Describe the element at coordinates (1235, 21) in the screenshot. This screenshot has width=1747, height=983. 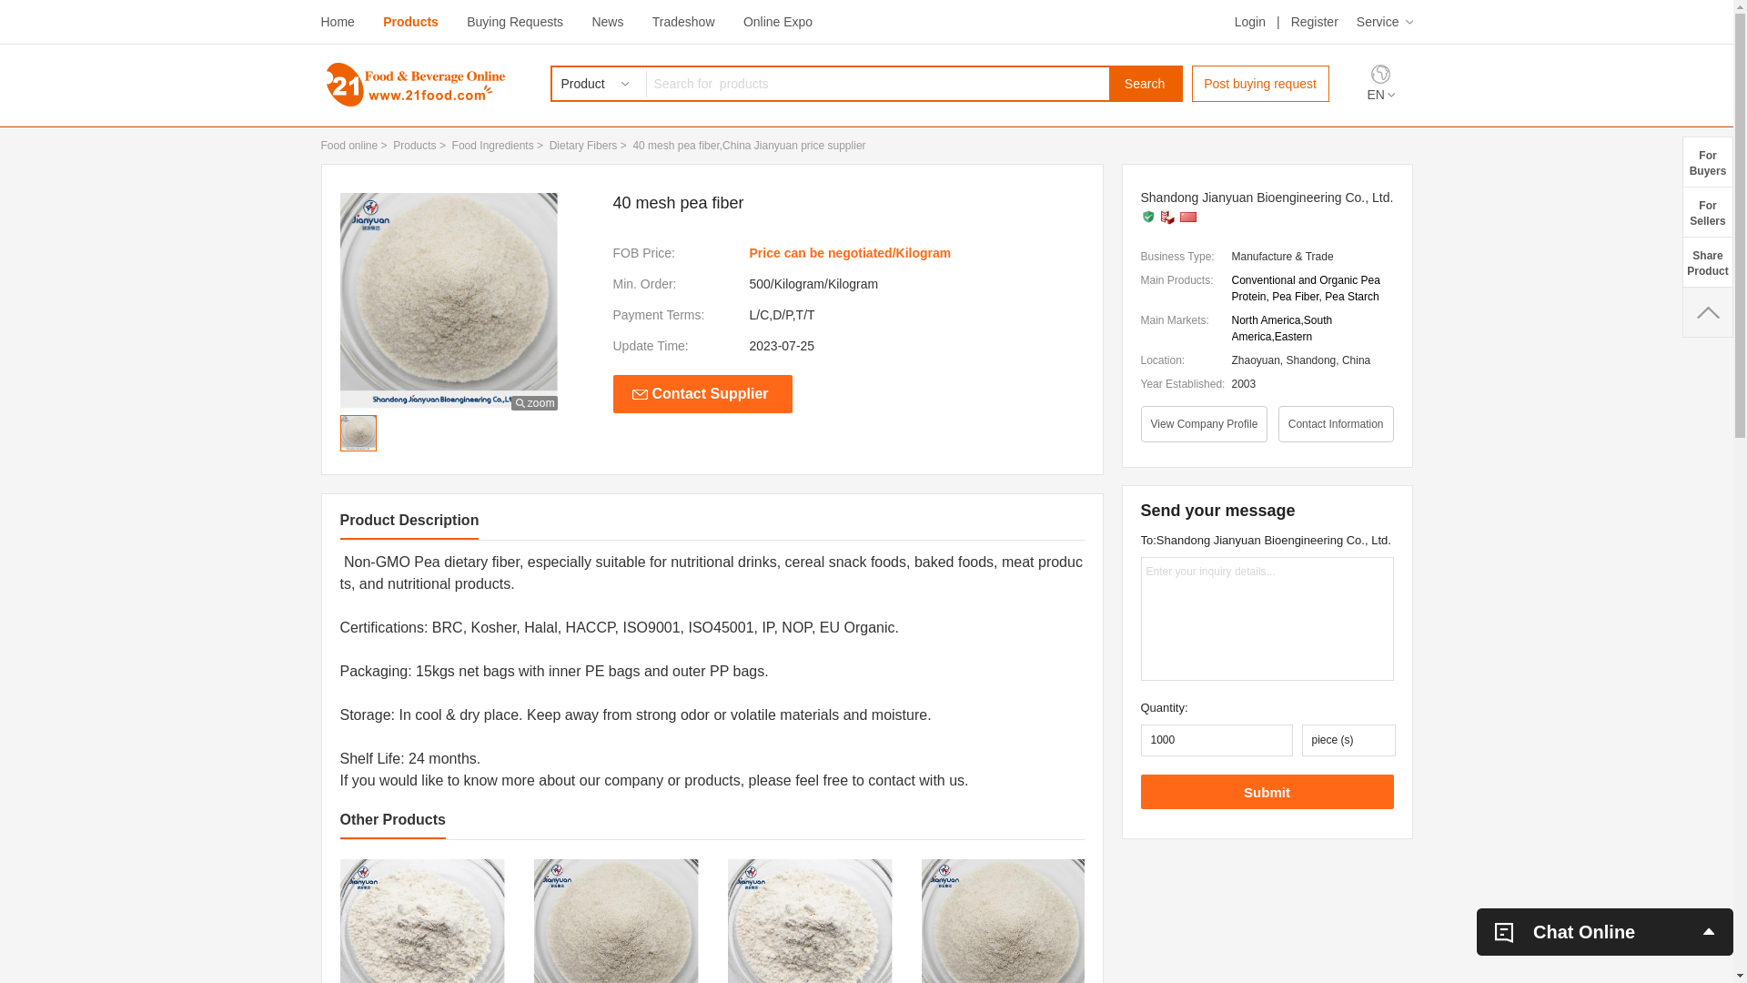
I see `'Login'` at that location.